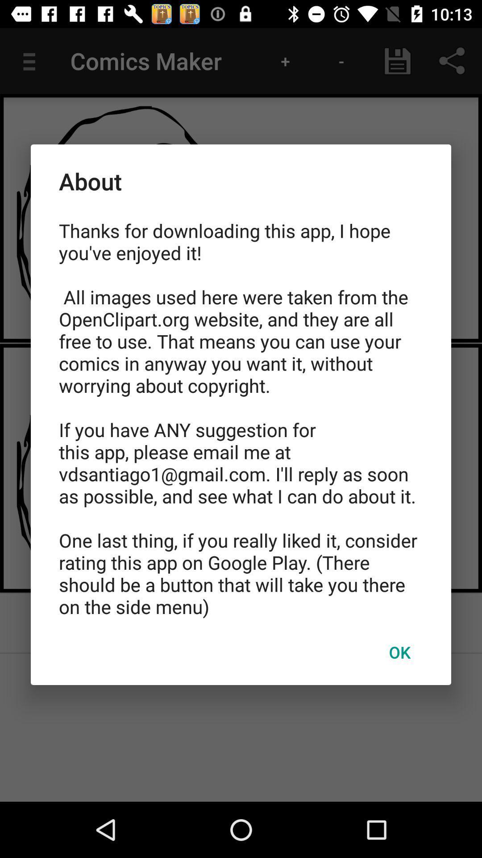 The height and width of the screenshot is (858, 482). I want to click on the ok button, so click(399, 652).